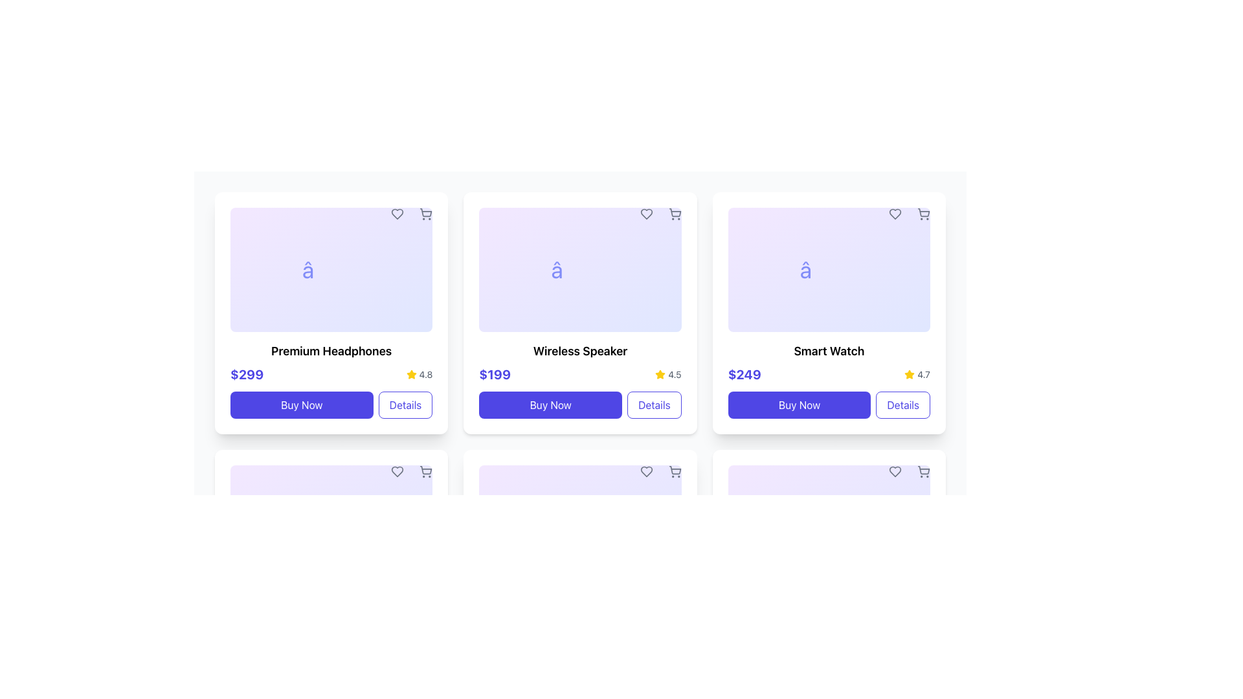 The image size is (1243, 699). I want to click on the add to cart button (SVG icon) located in the top-right corner of the product card for the 'Wireless Speaker', so click(674, 214).